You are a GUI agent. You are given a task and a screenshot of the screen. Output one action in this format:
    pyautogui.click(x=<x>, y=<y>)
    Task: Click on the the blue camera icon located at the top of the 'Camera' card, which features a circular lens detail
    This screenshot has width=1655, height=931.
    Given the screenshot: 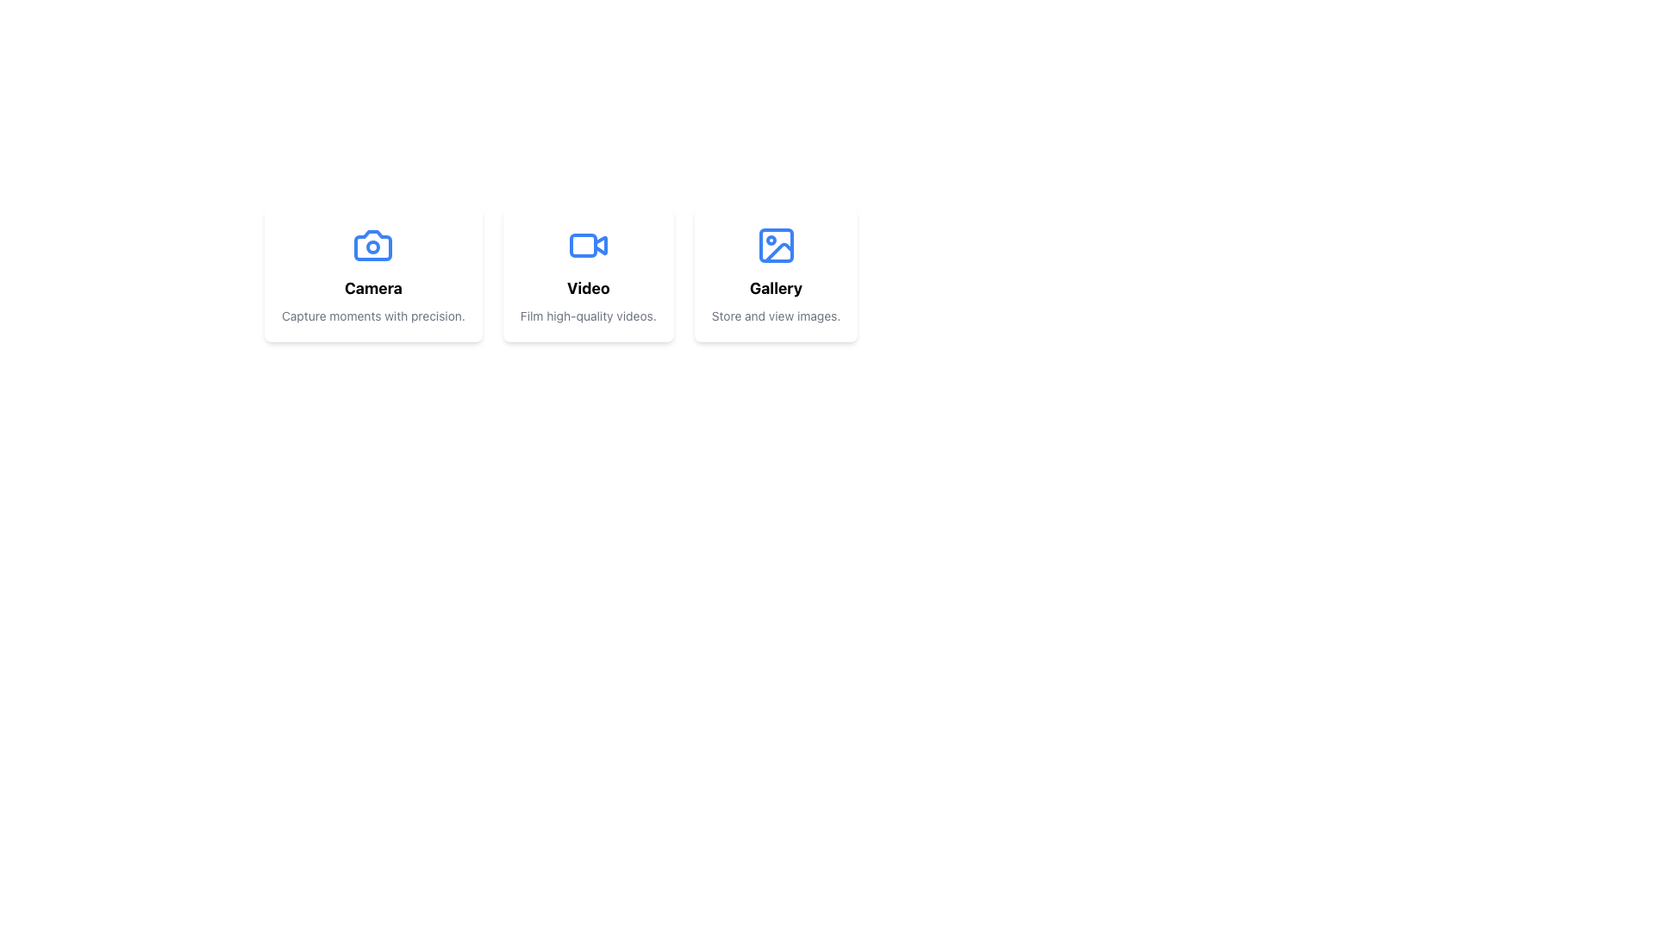 What is the action you would take?
    pyautogui.click(x=372, y=246)
    